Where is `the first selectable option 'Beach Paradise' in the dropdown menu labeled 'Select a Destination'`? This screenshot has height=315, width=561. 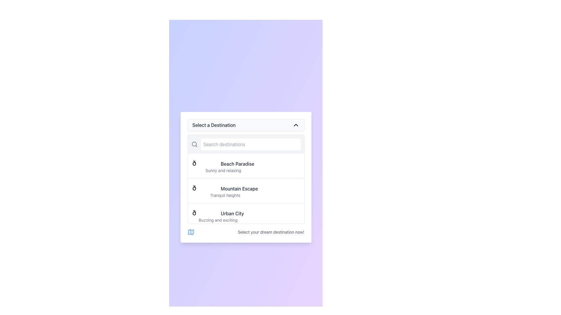
the first selectable option 'Beach Paradise' in the dropdown menu labeled 'Select a Destination' is located at coordinates (246, 166).